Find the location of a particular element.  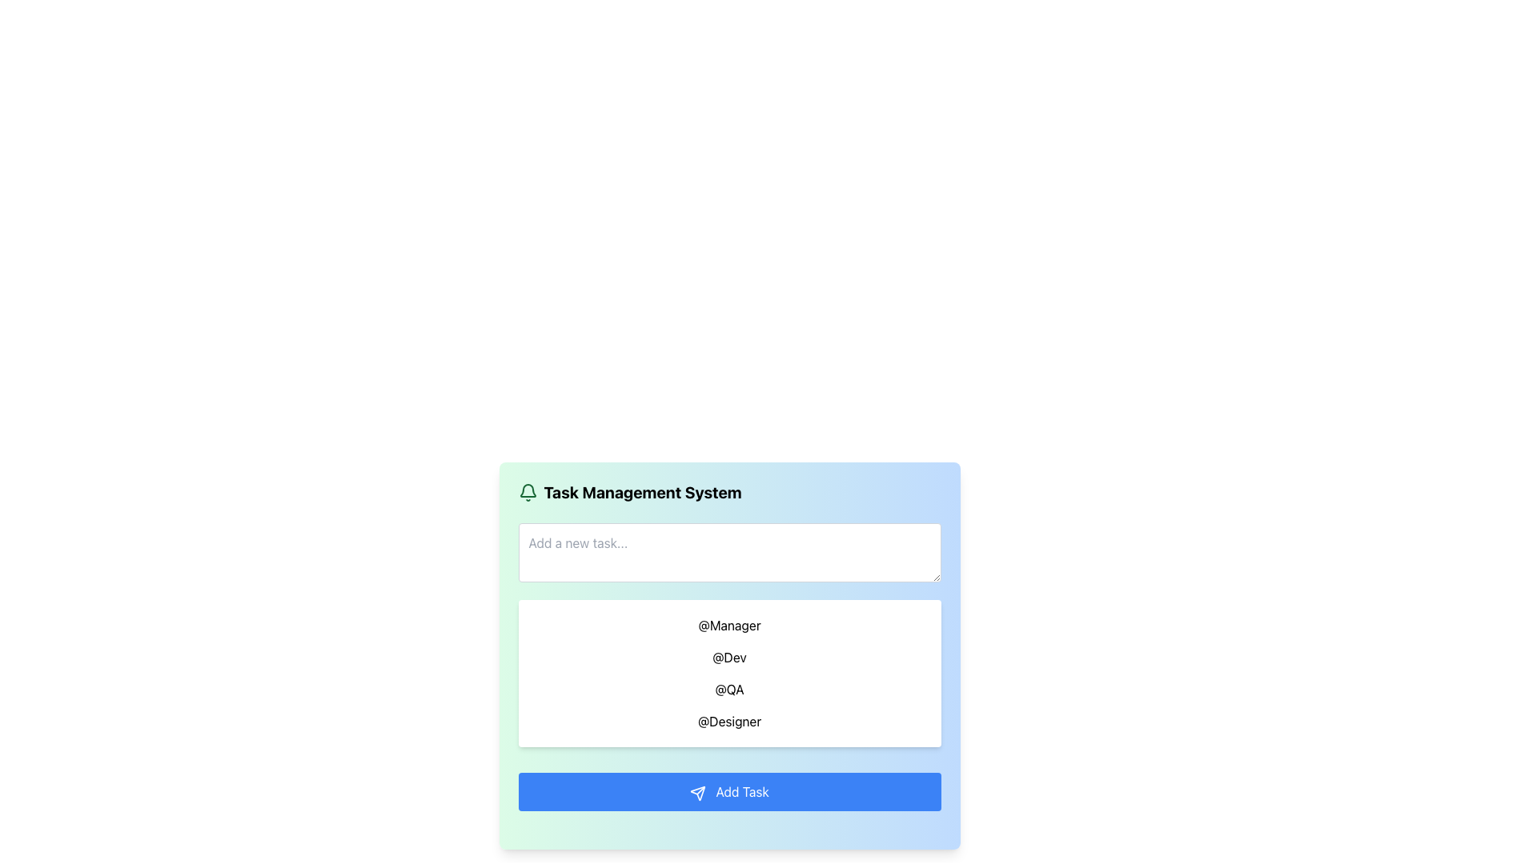

the style and appearance of the triangular icon resembling a paper plane located within the 'Add Task' button area, positioned toward the left side inside the button component is located at coordinates (698, 793).